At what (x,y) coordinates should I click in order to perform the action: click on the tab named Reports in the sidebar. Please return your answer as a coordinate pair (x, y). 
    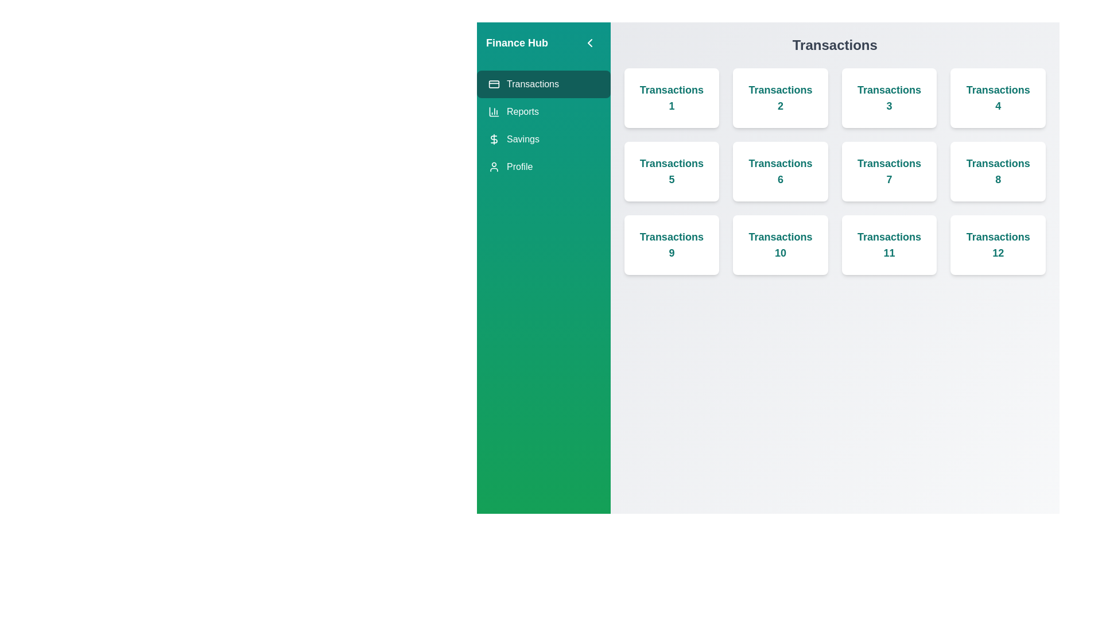
    Looking at the image, I should click on (542, 112).